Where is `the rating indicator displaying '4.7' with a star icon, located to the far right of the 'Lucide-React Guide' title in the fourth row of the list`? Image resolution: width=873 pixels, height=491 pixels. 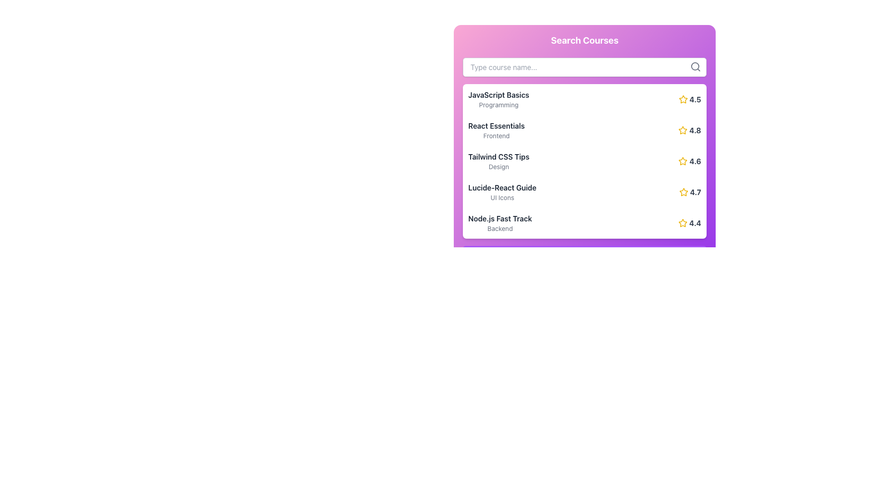 the rating indicator displaying '4.7' with a star icon, located to the far right of the 'Lucide-React Guide' title in the fourth row of the list is located at coordinates (690, 192).